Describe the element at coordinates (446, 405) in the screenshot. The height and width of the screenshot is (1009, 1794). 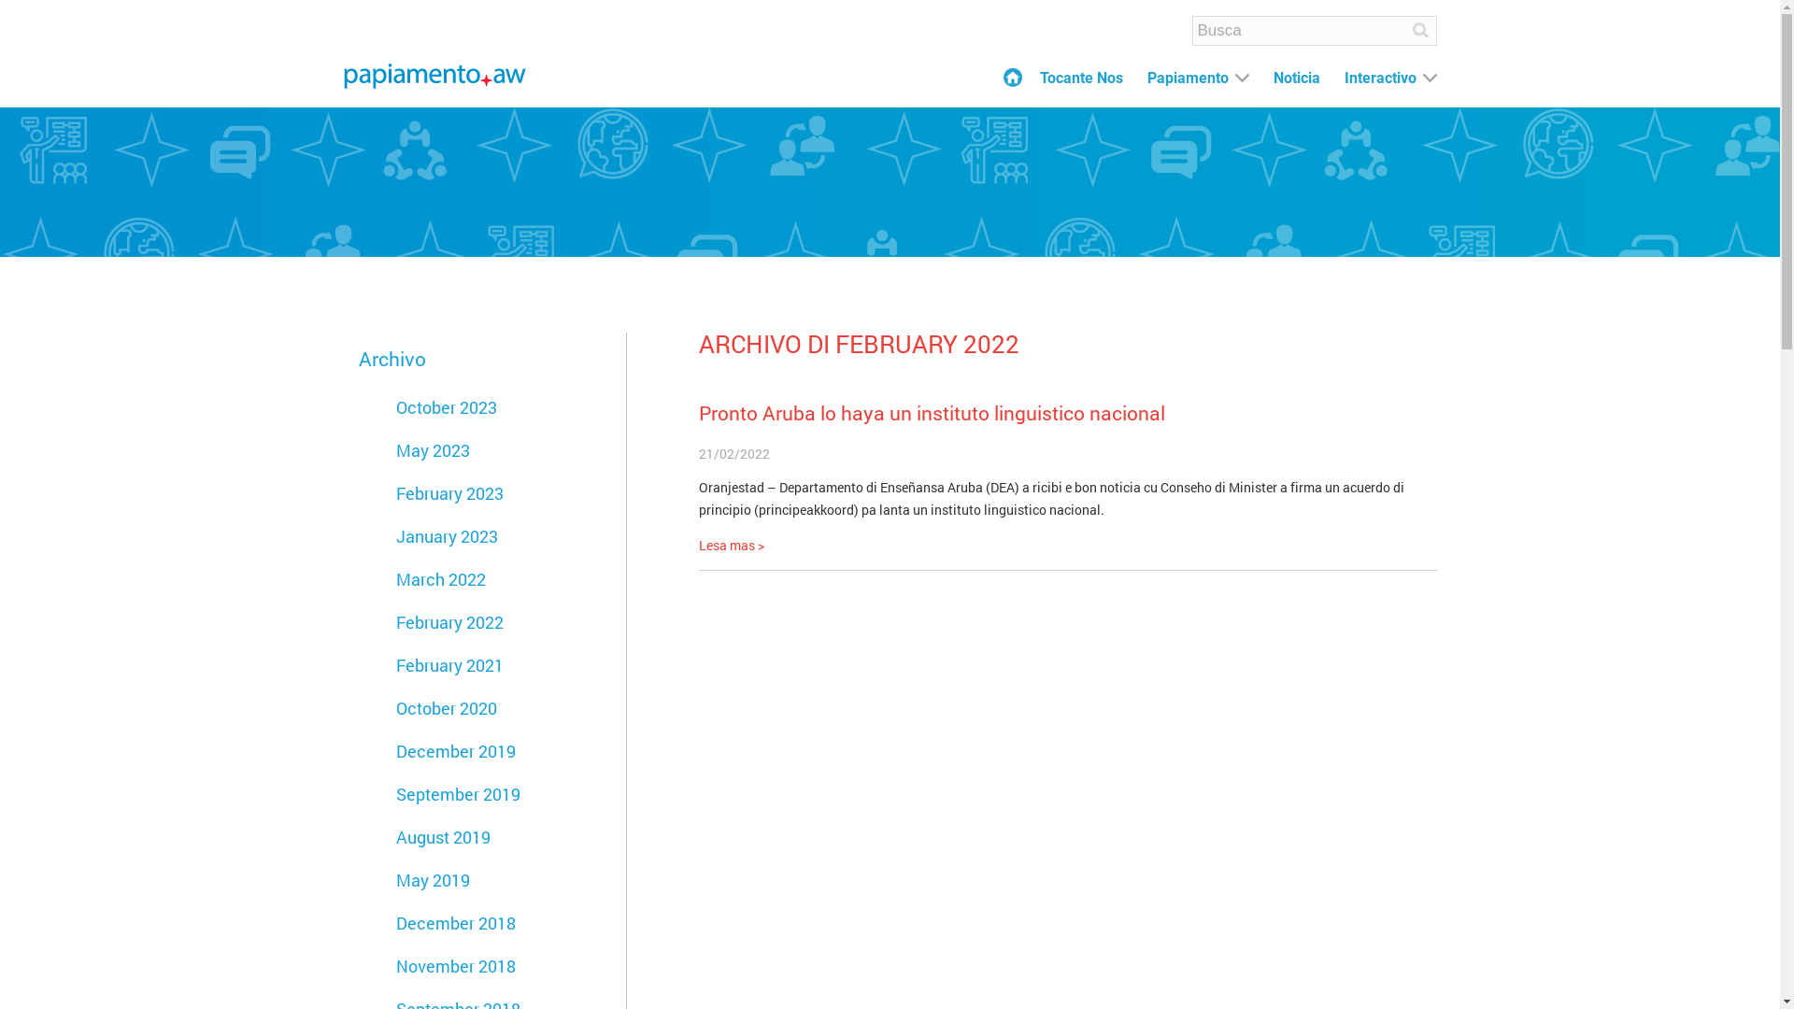
I see `'October 2023'` at that location.